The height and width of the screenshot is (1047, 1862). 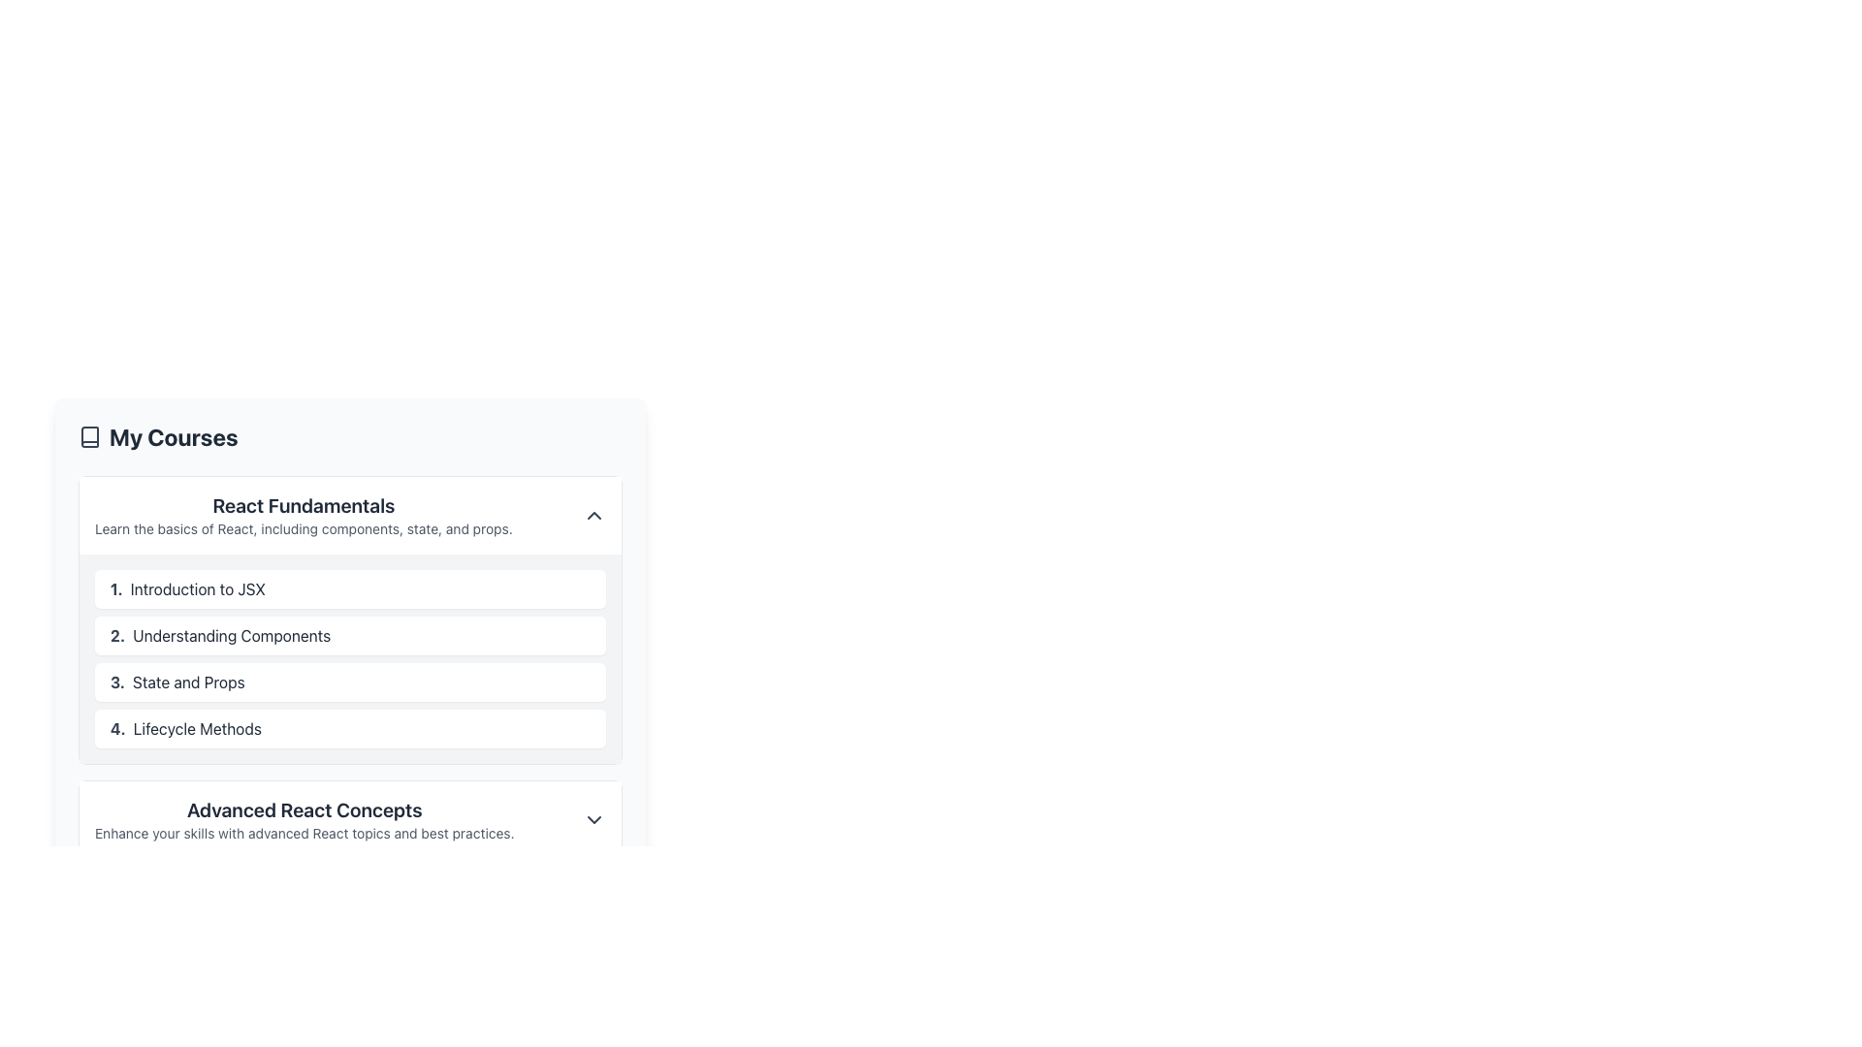 I want to click on listed topics from the textual list item styled with a light gray background, containing numbered items such as '1. Introduction to JSX', '2. Understanding Components', '3. State and Props', and '4. Lifecycle Methods' within the 'React Fundamentals' section, so click(x=350, y=657).